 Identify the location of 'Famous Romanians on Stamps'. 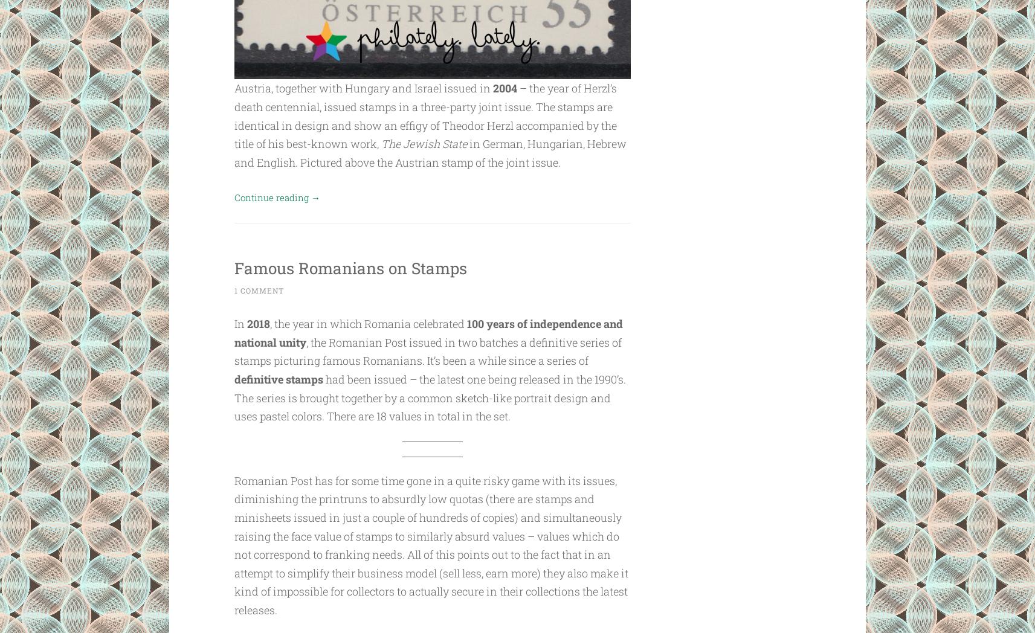
(377, 265).